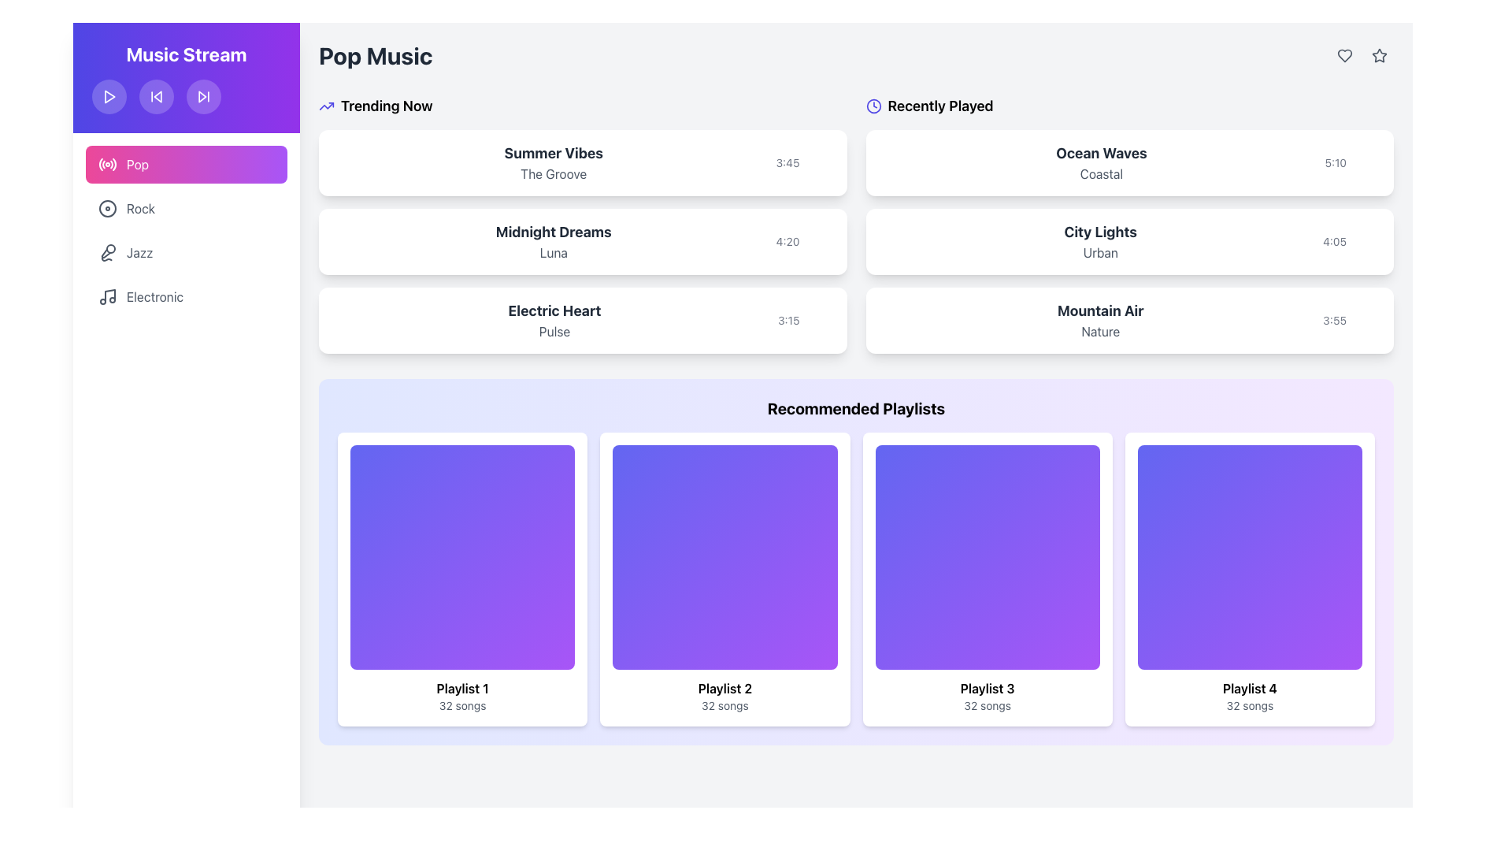 The image size is (1512, 851). What do you see at coordinates (107, 208) in the screenshot?
I see `the circular icon resembling a compact disc, located in the sidebar adjacent to the 'Rock' text label` at bounding box center [107, 208].